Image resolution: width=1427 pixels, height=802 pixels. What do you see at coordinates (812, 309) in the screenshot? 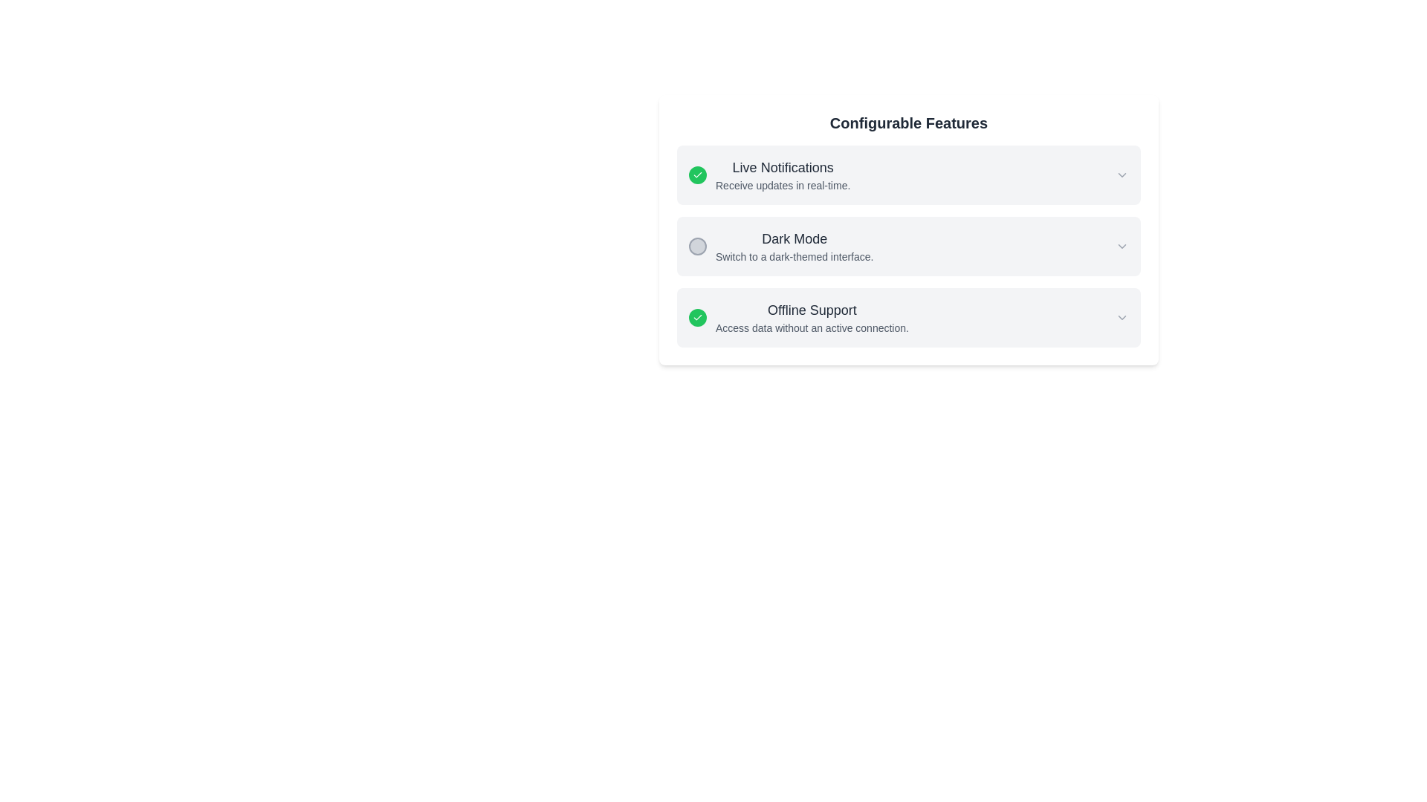
I see `the 'Offline Support' label, which is styled in a larger bold grey font and is the first text element in the third card under 'Configurable Features'` at bounding box center [812, 309].